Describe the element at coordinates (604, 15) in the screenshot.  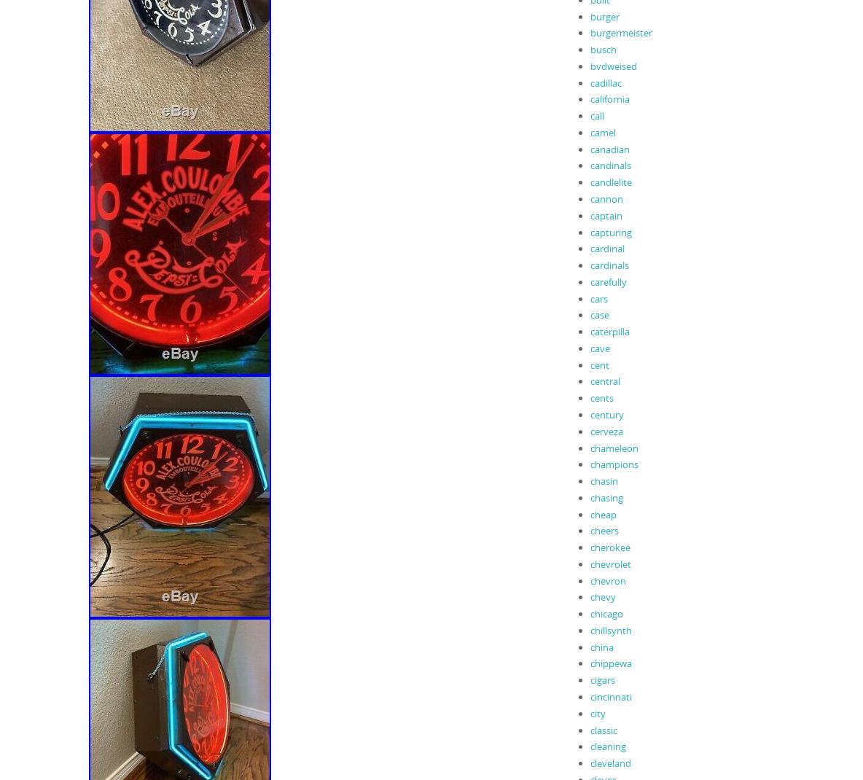
I see `'burger'` at that location.